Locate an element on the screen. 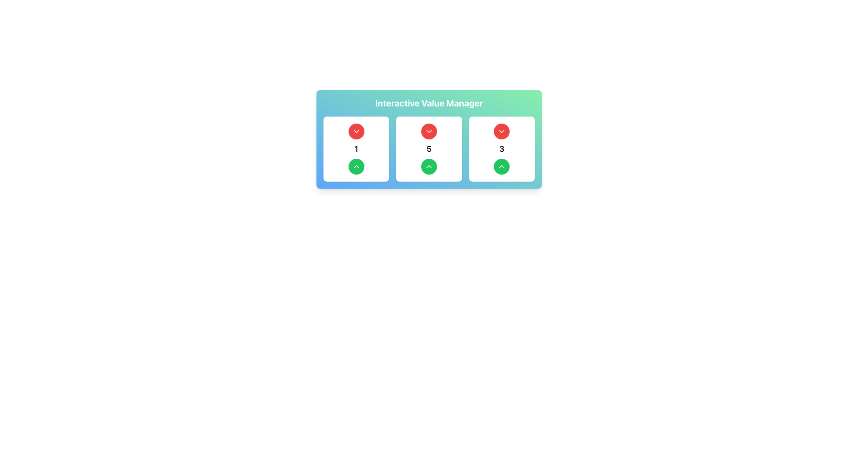 The image size is (845, 475). the downward-facing chevron icon with a red background located at the top of the middle panel is located at coordinates (429, 132).